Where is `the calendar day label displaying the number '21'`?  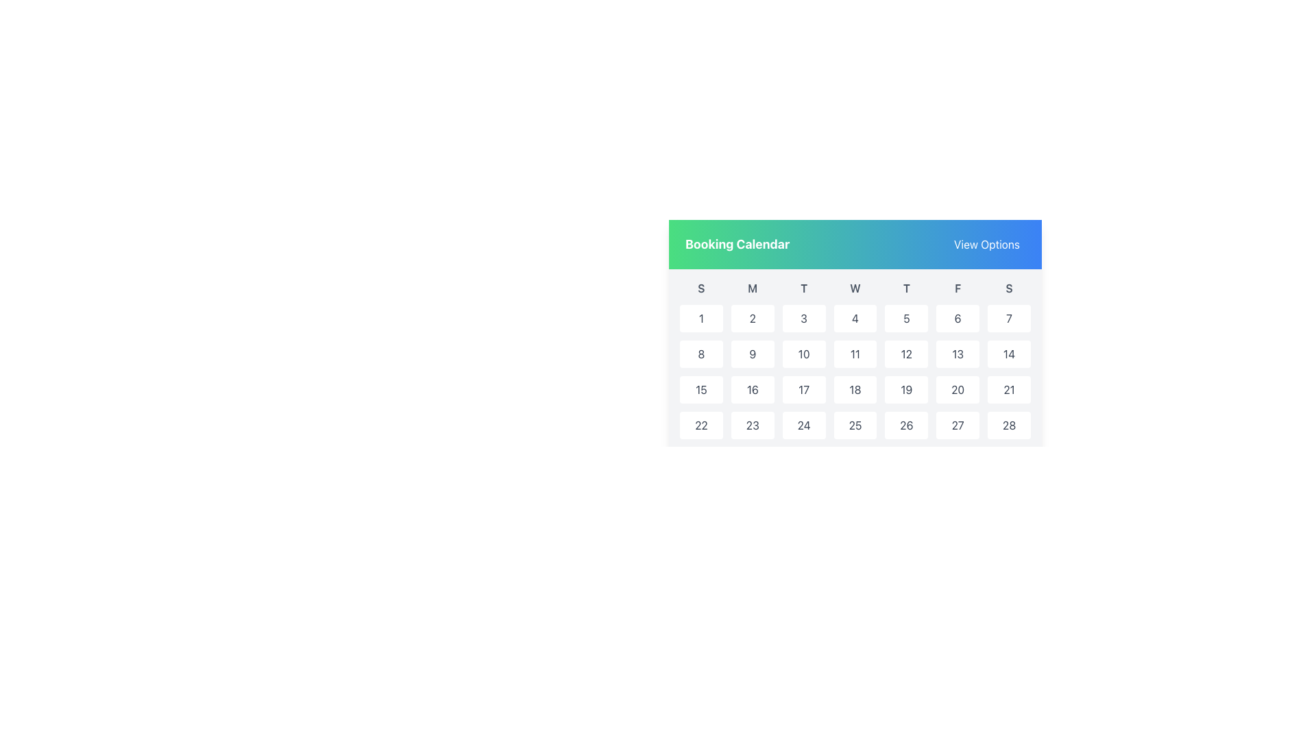
the calendar day label displaying the number '21' is located at coordinates (1009, 390).